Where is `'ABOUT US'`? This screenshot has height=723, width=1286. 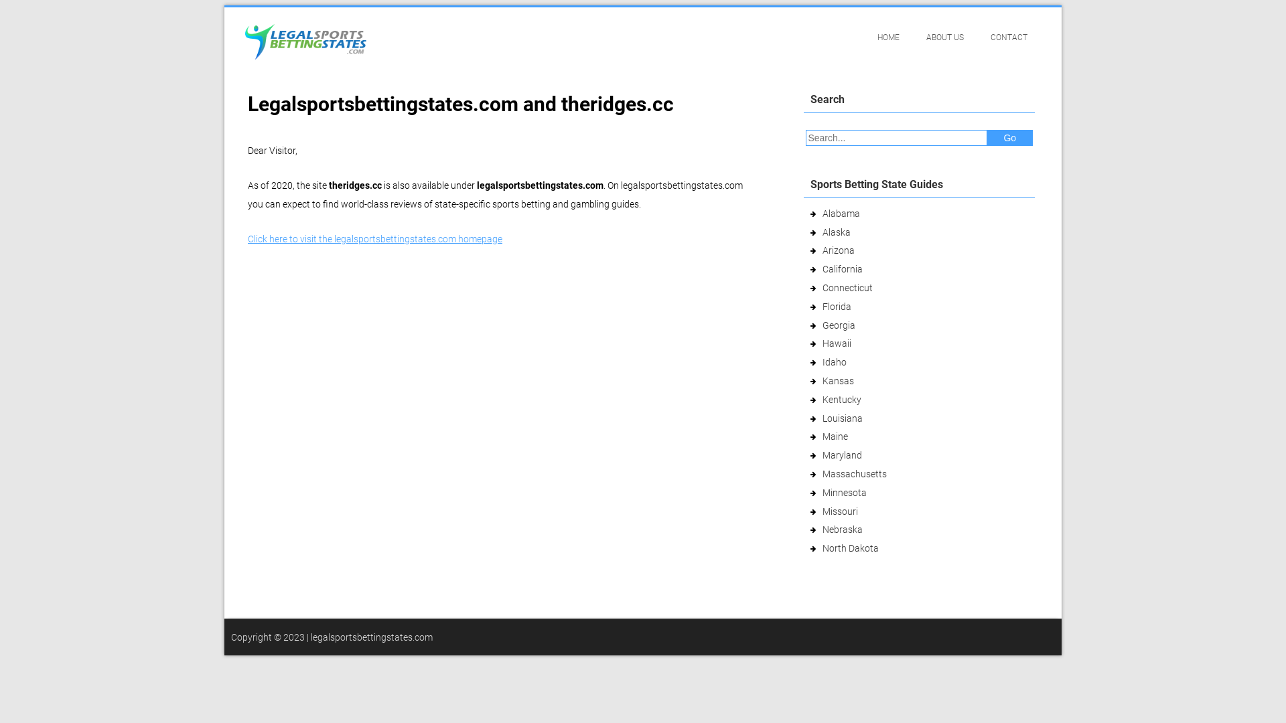 'ABOUT US' is located at coordinates (944, 37).